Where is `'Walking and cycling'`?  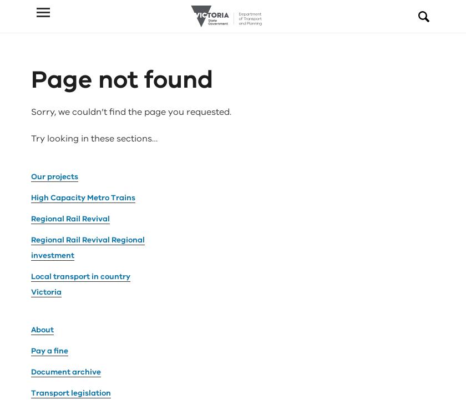 'Walking and cycling' is located at coordinates (69, 325).